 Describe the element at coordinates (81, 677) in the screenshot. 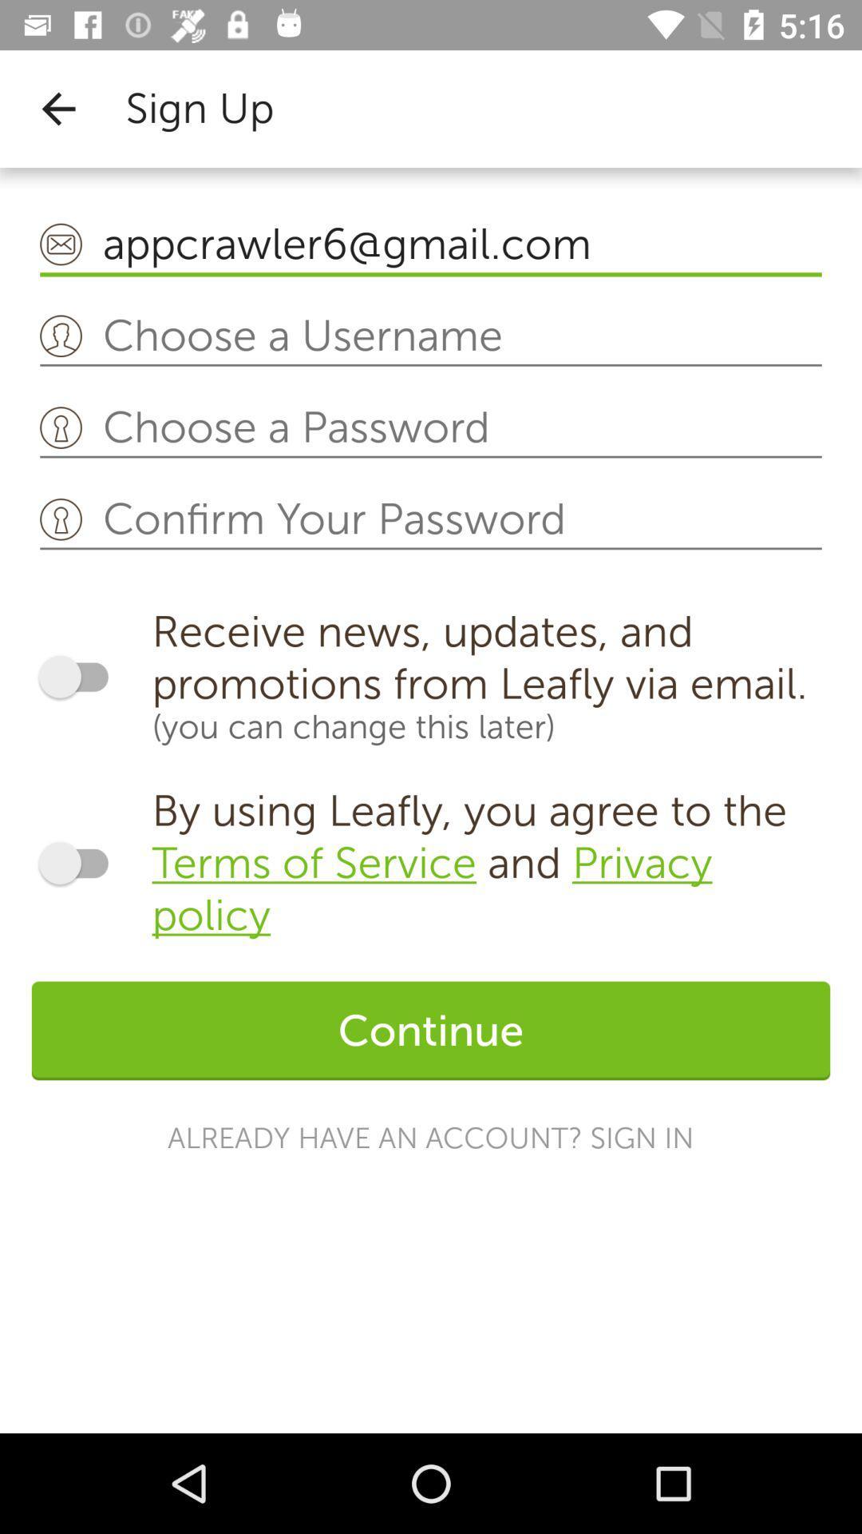

I see `receive news` at that location.